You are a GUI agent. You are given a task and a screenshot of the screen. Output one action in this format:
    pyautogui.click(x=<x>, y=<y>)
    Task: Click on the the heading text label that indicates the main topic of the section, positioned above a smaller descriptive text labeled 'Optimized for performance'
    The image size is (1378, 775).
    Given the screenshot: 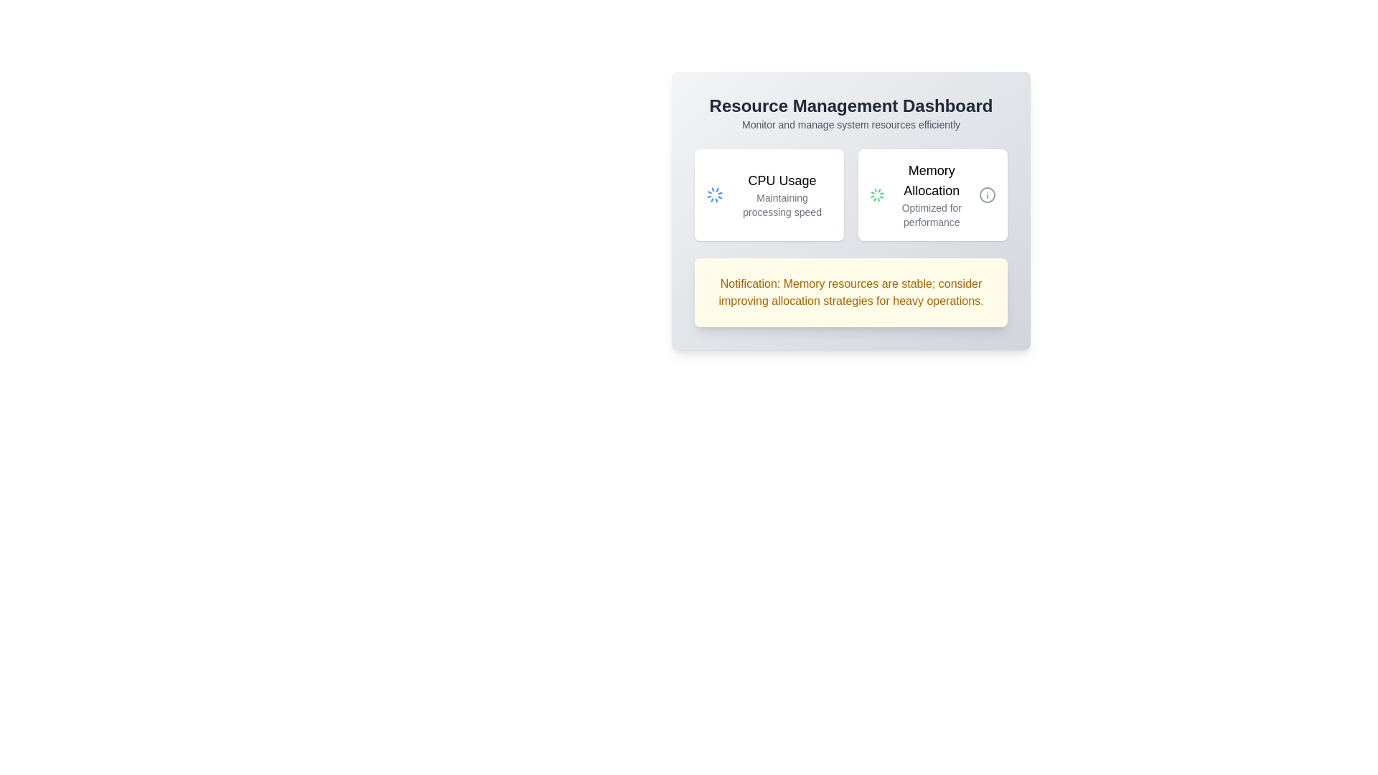 What is the action you would take?
    pyautogui.click(x=932, y=179)
    